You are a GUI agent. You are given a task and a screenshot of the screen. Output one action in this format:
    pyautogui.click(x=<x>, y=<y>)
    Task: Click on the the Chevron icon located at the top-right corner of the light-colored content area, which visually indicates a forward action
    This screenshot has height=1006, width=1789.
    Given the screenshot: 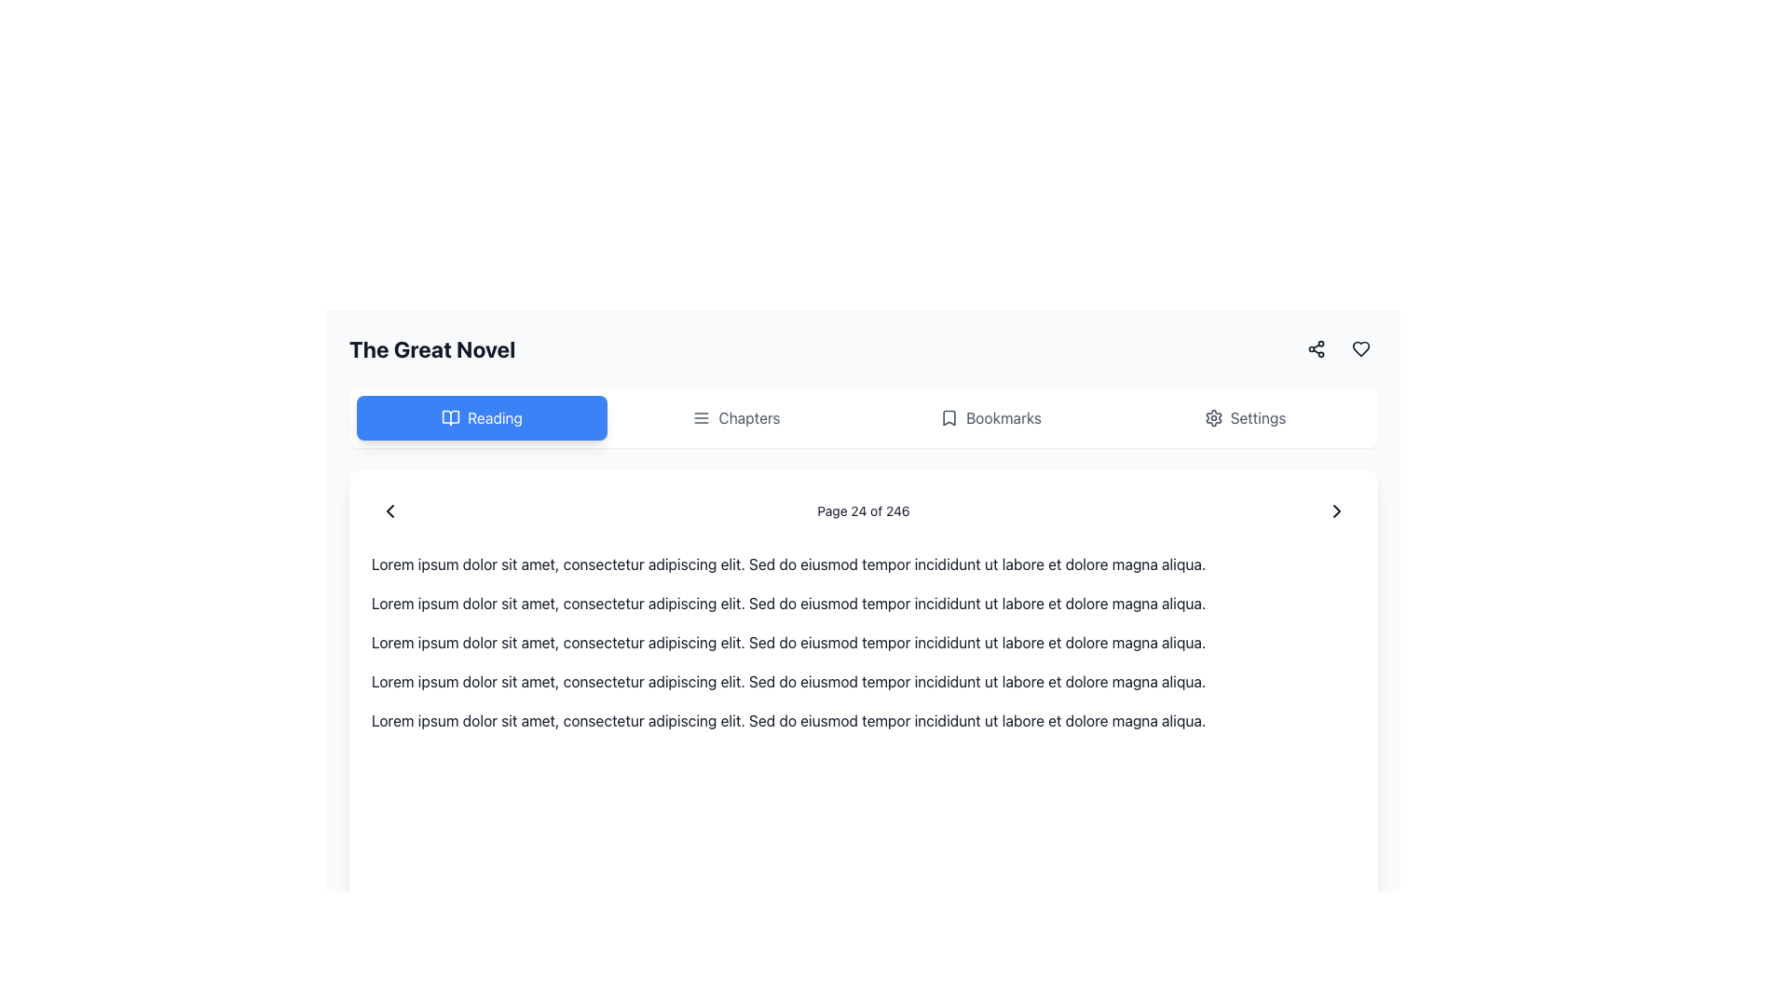 What is the action you would take?
    pyautogui.click(x=1336, y=510)
    